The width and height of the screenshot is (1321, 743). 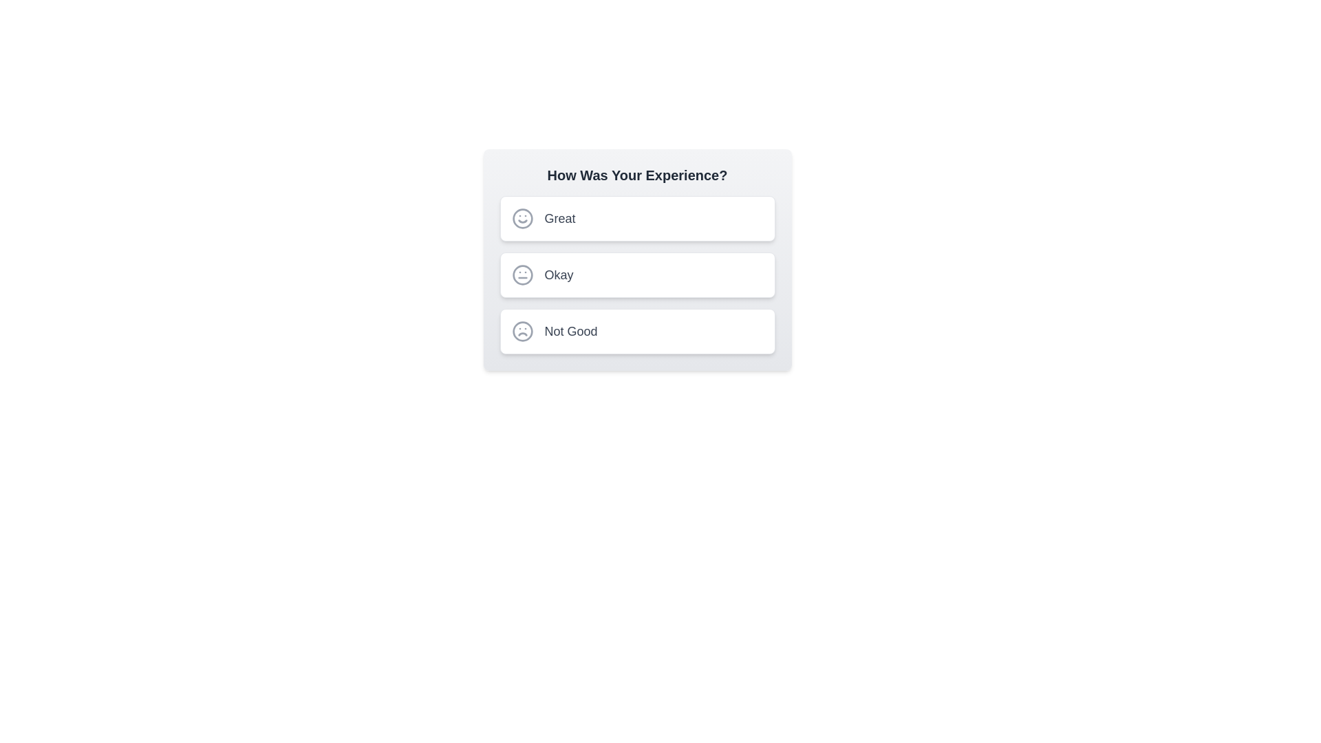 I want to click on the 'Okay' feedback option card in the user experience survey, so click(x=636, y=275).